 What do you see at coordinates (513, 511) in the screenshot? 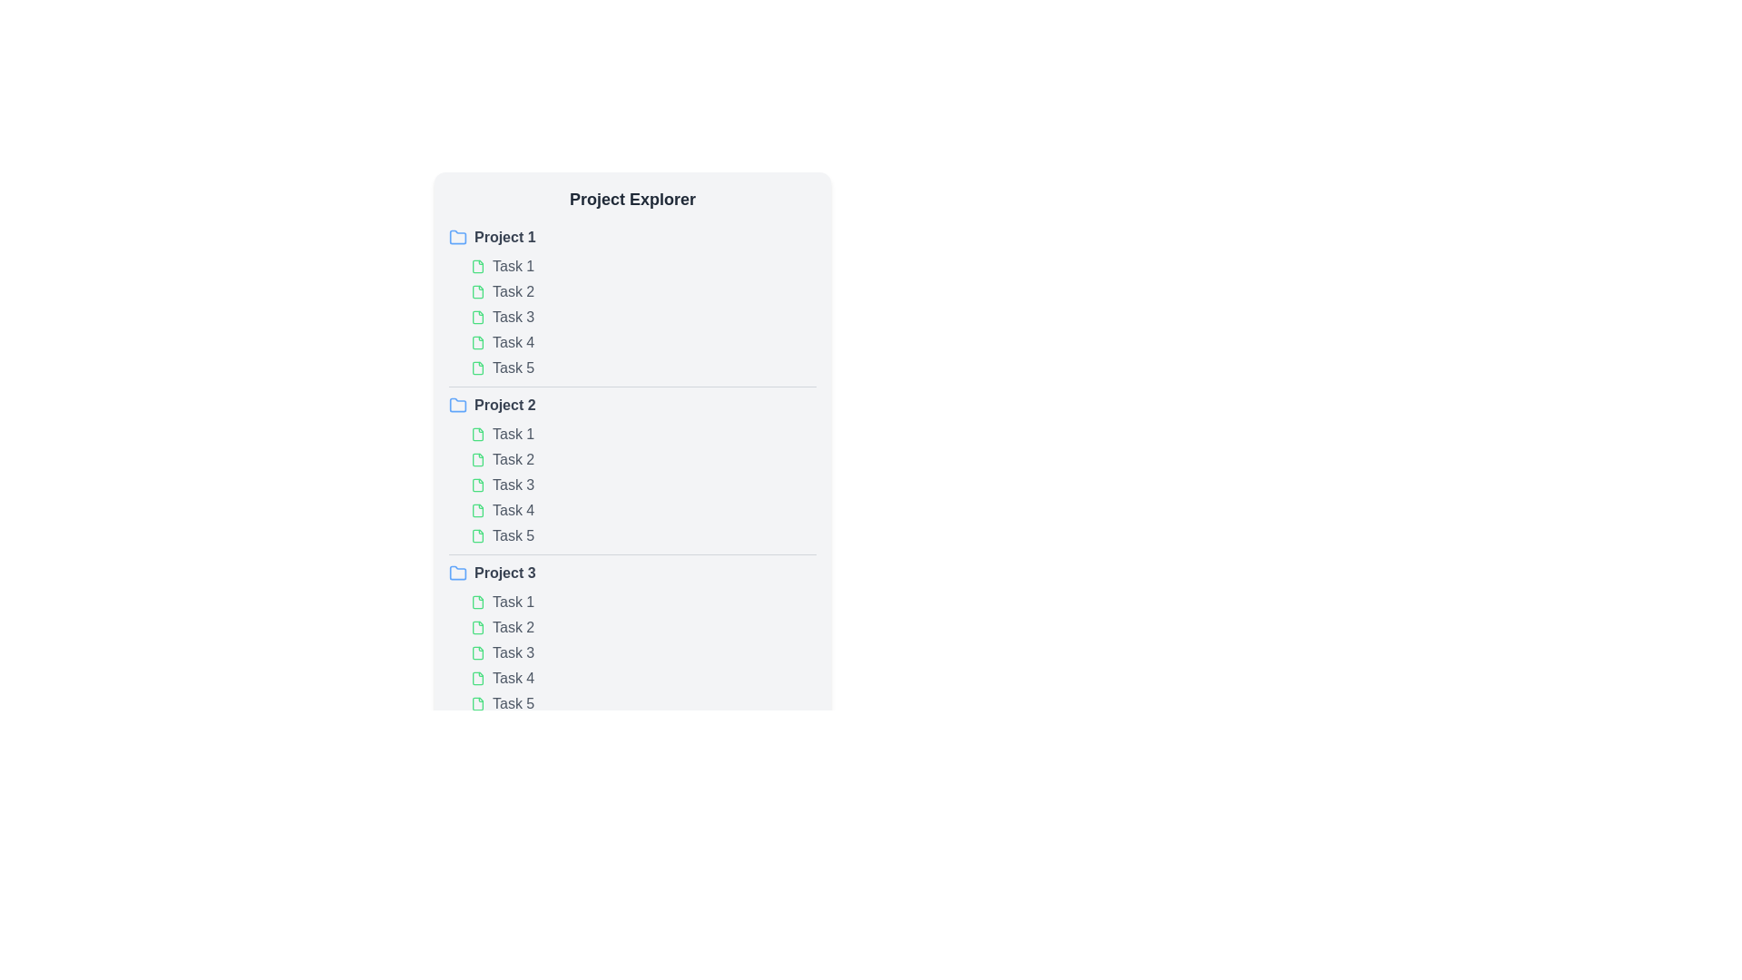
I see `the 'Task 4' text label in the Project Explorer` at bounding box center [513, 511].